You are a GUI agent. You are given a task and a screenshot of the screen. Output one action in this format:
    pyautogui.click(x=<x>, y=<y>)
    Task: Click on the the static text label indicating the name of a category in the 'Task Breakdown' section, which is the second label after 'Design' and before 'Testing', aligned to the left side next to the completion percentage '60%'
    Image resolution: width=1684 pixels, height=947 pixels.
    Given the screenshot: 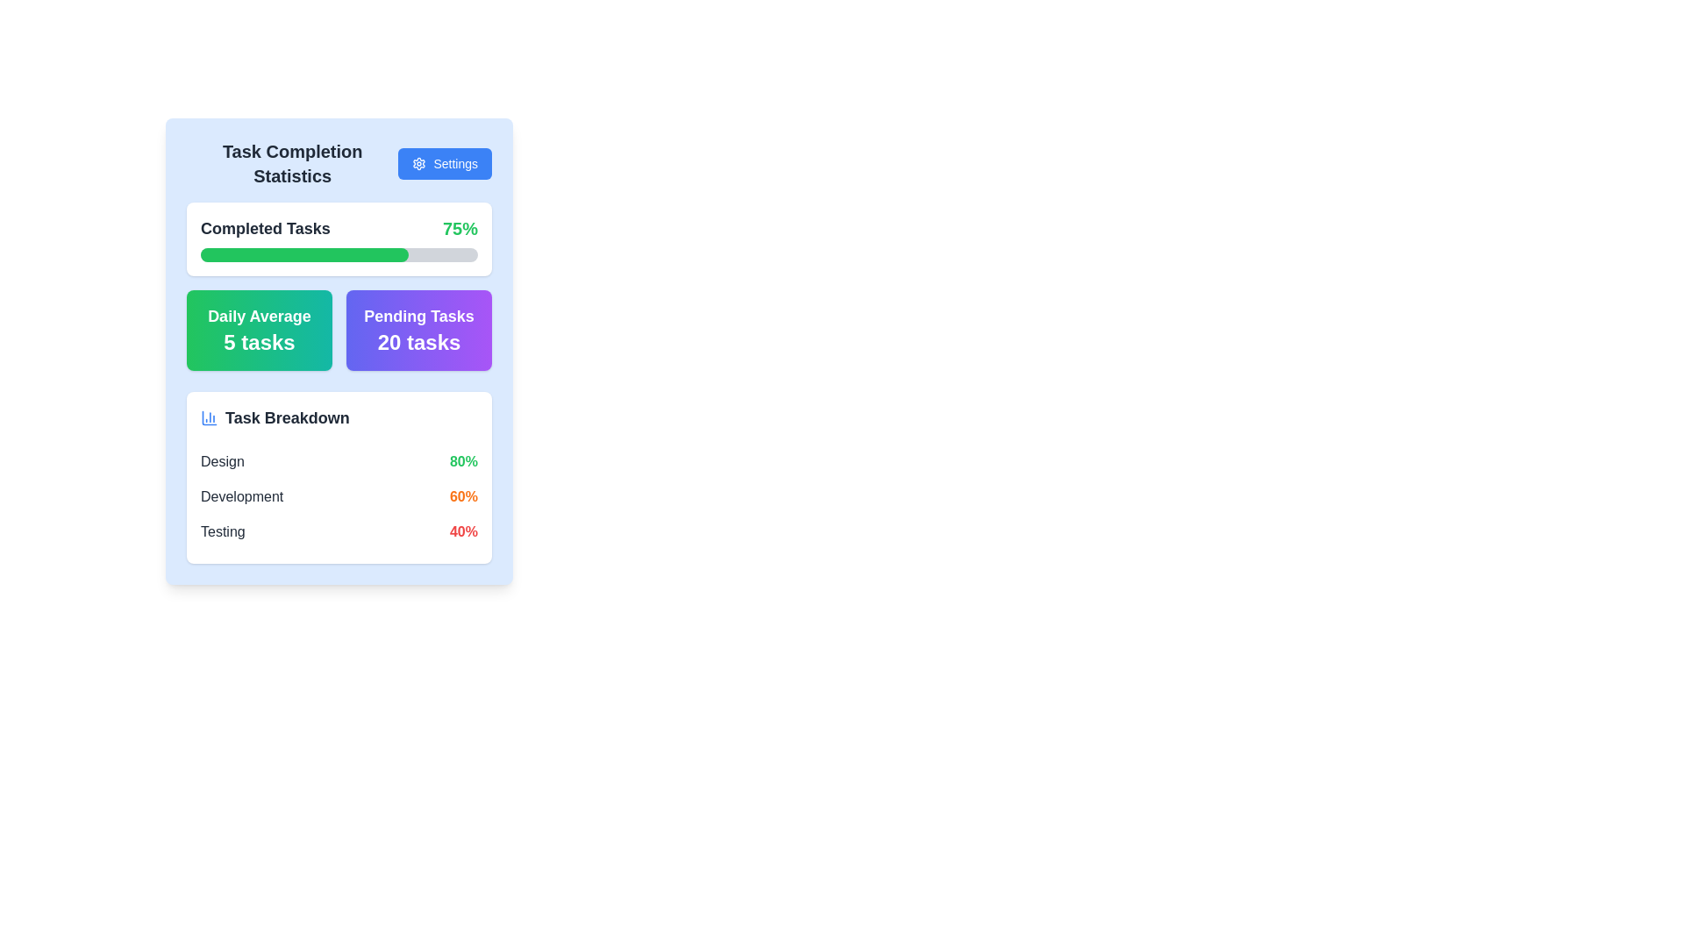 What is the action you would take?
    pyautogui.click(x=241, y=497)
    